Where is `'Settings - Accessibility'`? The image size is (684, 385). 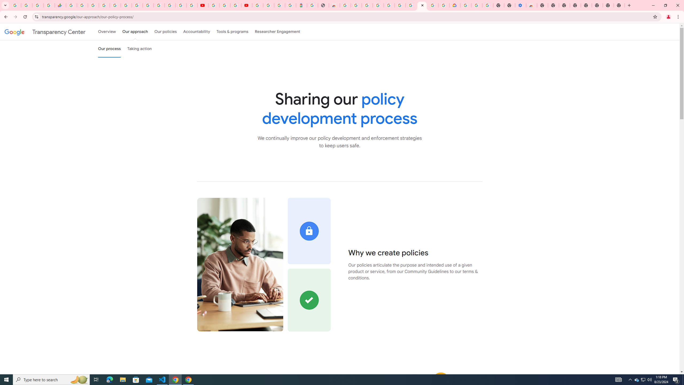 'Settings - Accessibility' is located at coordinates (520, 5).